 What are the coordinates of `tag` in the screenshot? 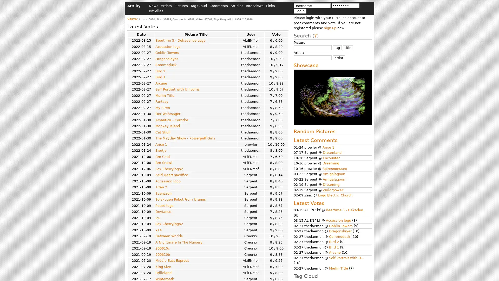 It's located at (337, 47).